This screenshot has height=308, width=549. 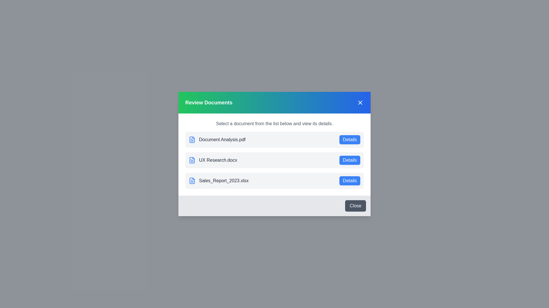 I want to click on the close button to close the dialog, so click(x=355, y=206).